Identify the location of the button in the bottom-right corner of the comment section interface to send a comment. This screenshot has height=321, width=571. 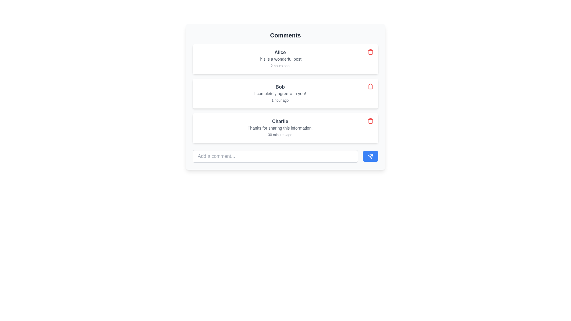
(370, 156).